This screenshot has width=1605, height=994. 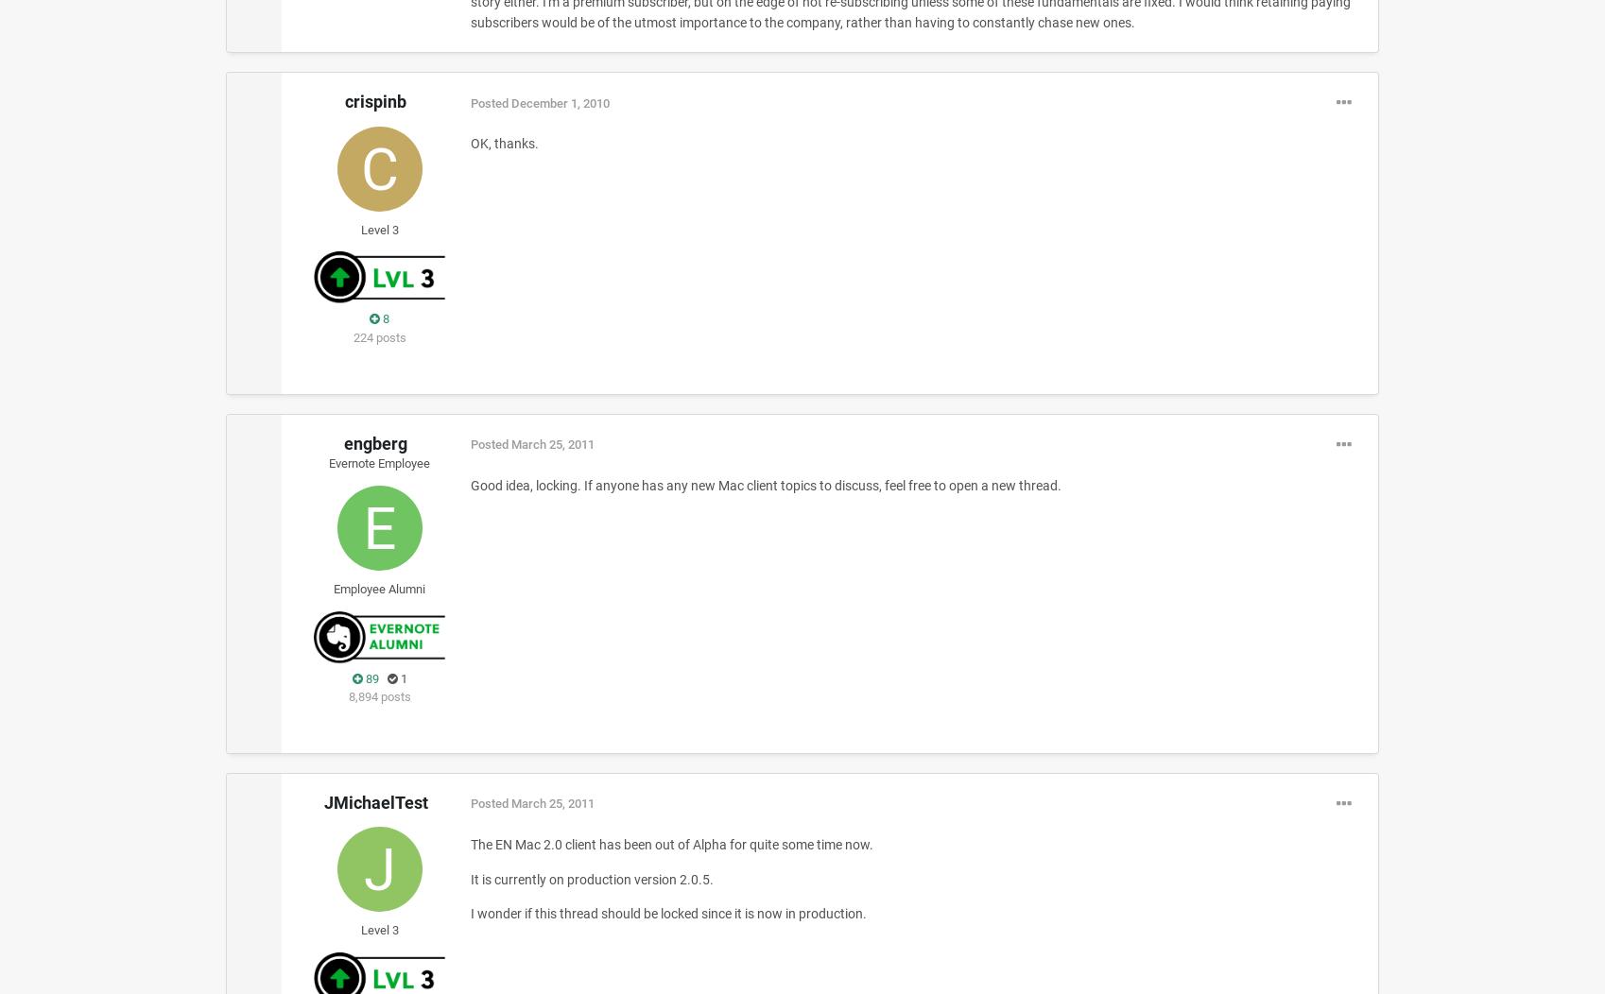 What do you see at coordinates (469, 877) in the screenshot?
I see `'It is currently on production version 2.0.5.'` at bounding box center [469, 877].